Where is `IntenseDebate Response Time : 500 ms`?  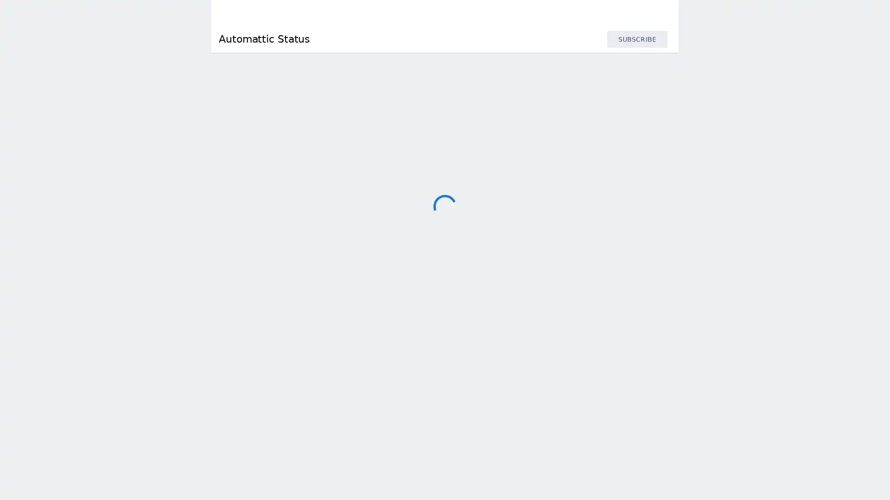
IntenseDebate Response Time : 500 ms is located at coordinates (388, 267).